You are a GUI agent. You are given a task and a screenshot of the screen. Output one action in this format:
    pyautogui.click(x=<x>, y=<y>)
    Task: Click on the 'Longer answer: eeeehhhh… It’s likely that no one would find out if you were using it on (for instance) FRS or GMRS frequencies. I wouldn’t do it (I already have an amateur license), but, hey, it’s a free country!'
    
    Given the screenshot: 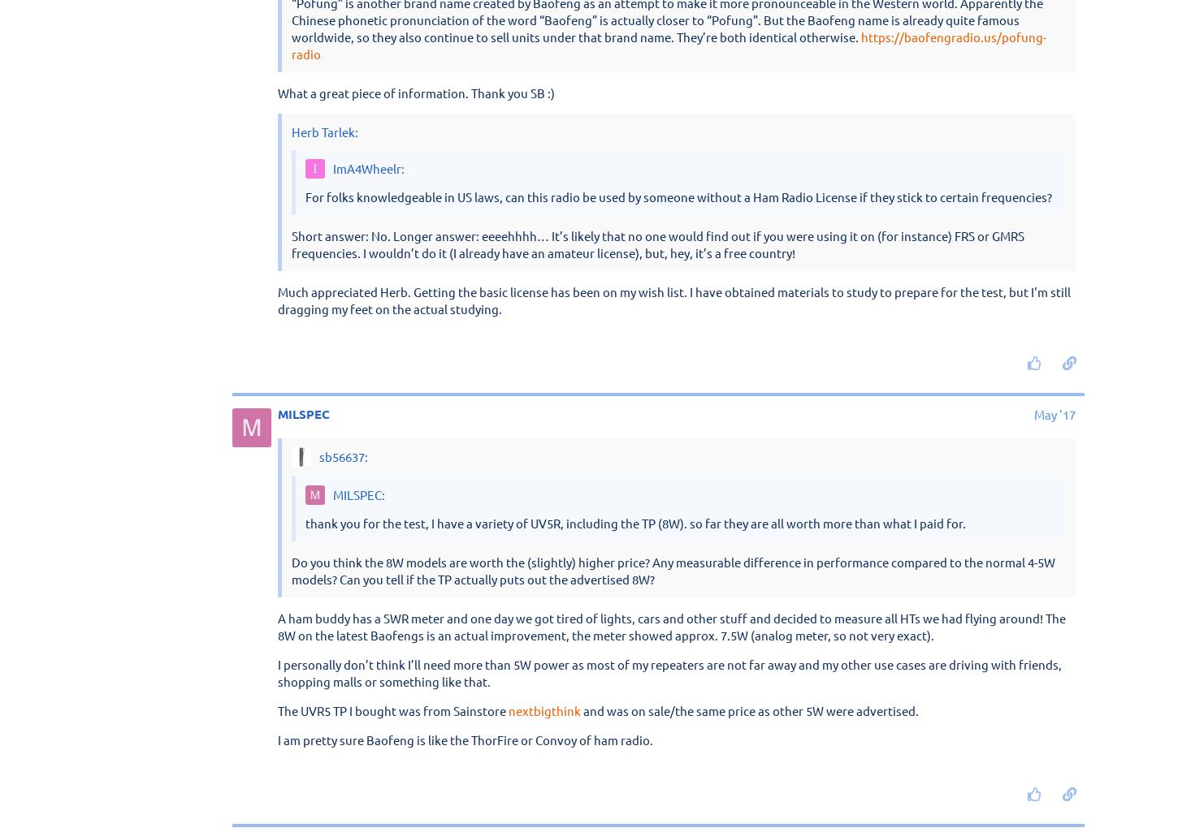 What is the action you would take?
    pyautogui.click(x=672, y=209)
    